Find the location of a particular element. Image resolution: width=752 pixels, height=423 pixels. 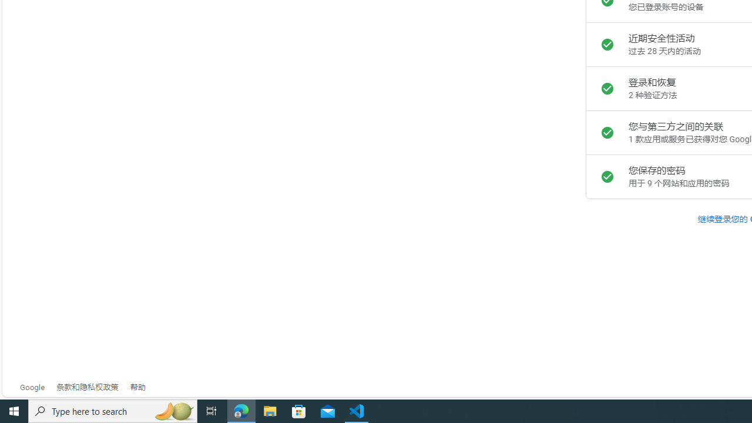

'Microsoft Store' is located at coordinates (299, 410).